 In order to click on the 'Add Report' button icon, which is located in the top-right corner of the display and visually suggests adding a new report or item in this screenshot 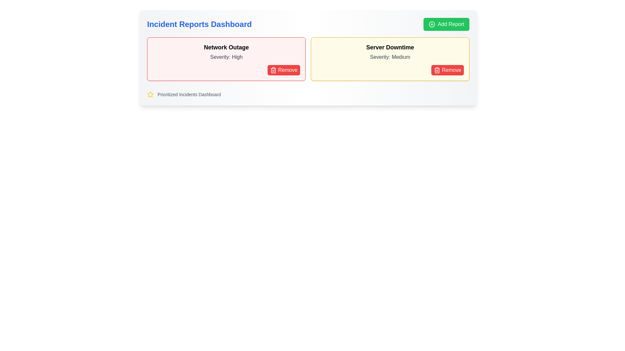, I will do `click(432, 24)`.